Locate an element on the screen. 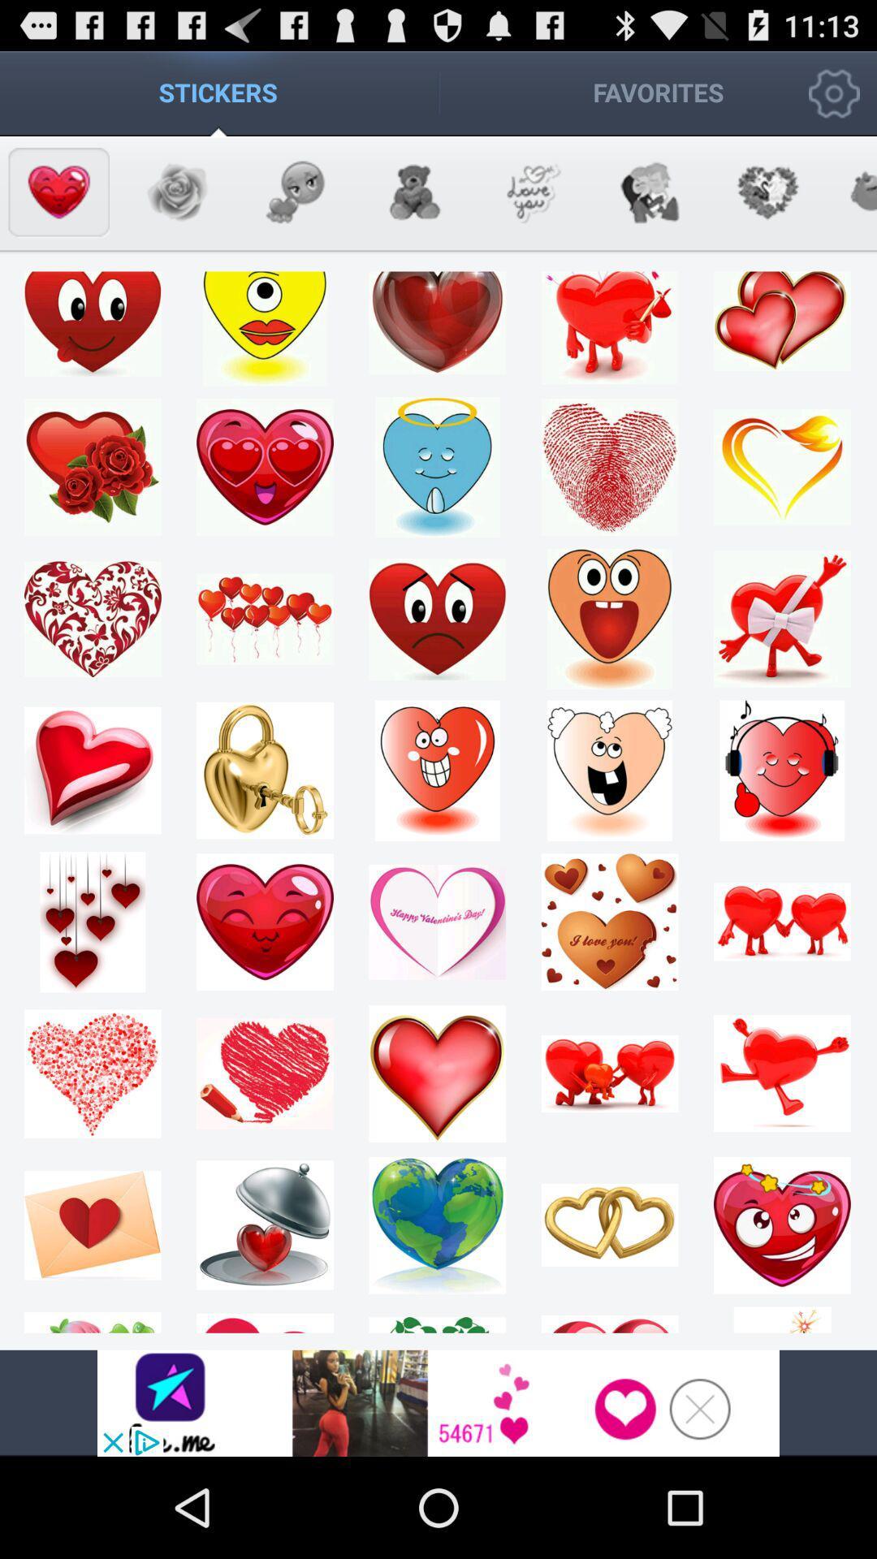 The width and height of the screenshot is (877, 1559). the favorite icon is located at coordinates (58, 205).